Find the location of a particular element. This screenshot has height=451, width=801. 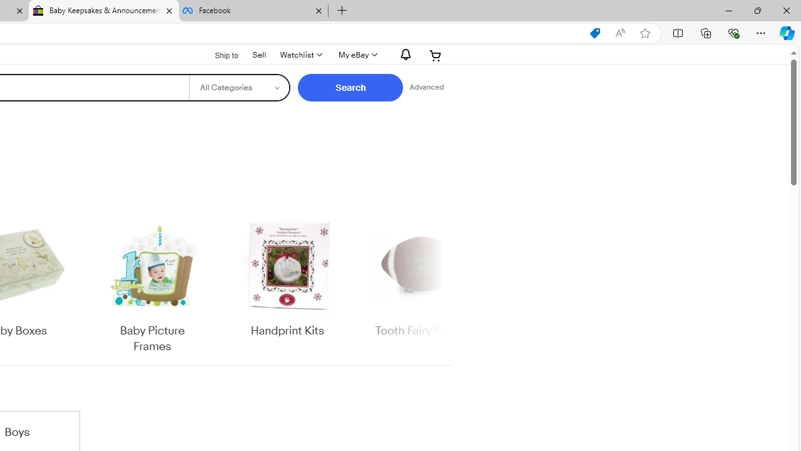

'Advanced Search' is located at coordinates (426, 87).